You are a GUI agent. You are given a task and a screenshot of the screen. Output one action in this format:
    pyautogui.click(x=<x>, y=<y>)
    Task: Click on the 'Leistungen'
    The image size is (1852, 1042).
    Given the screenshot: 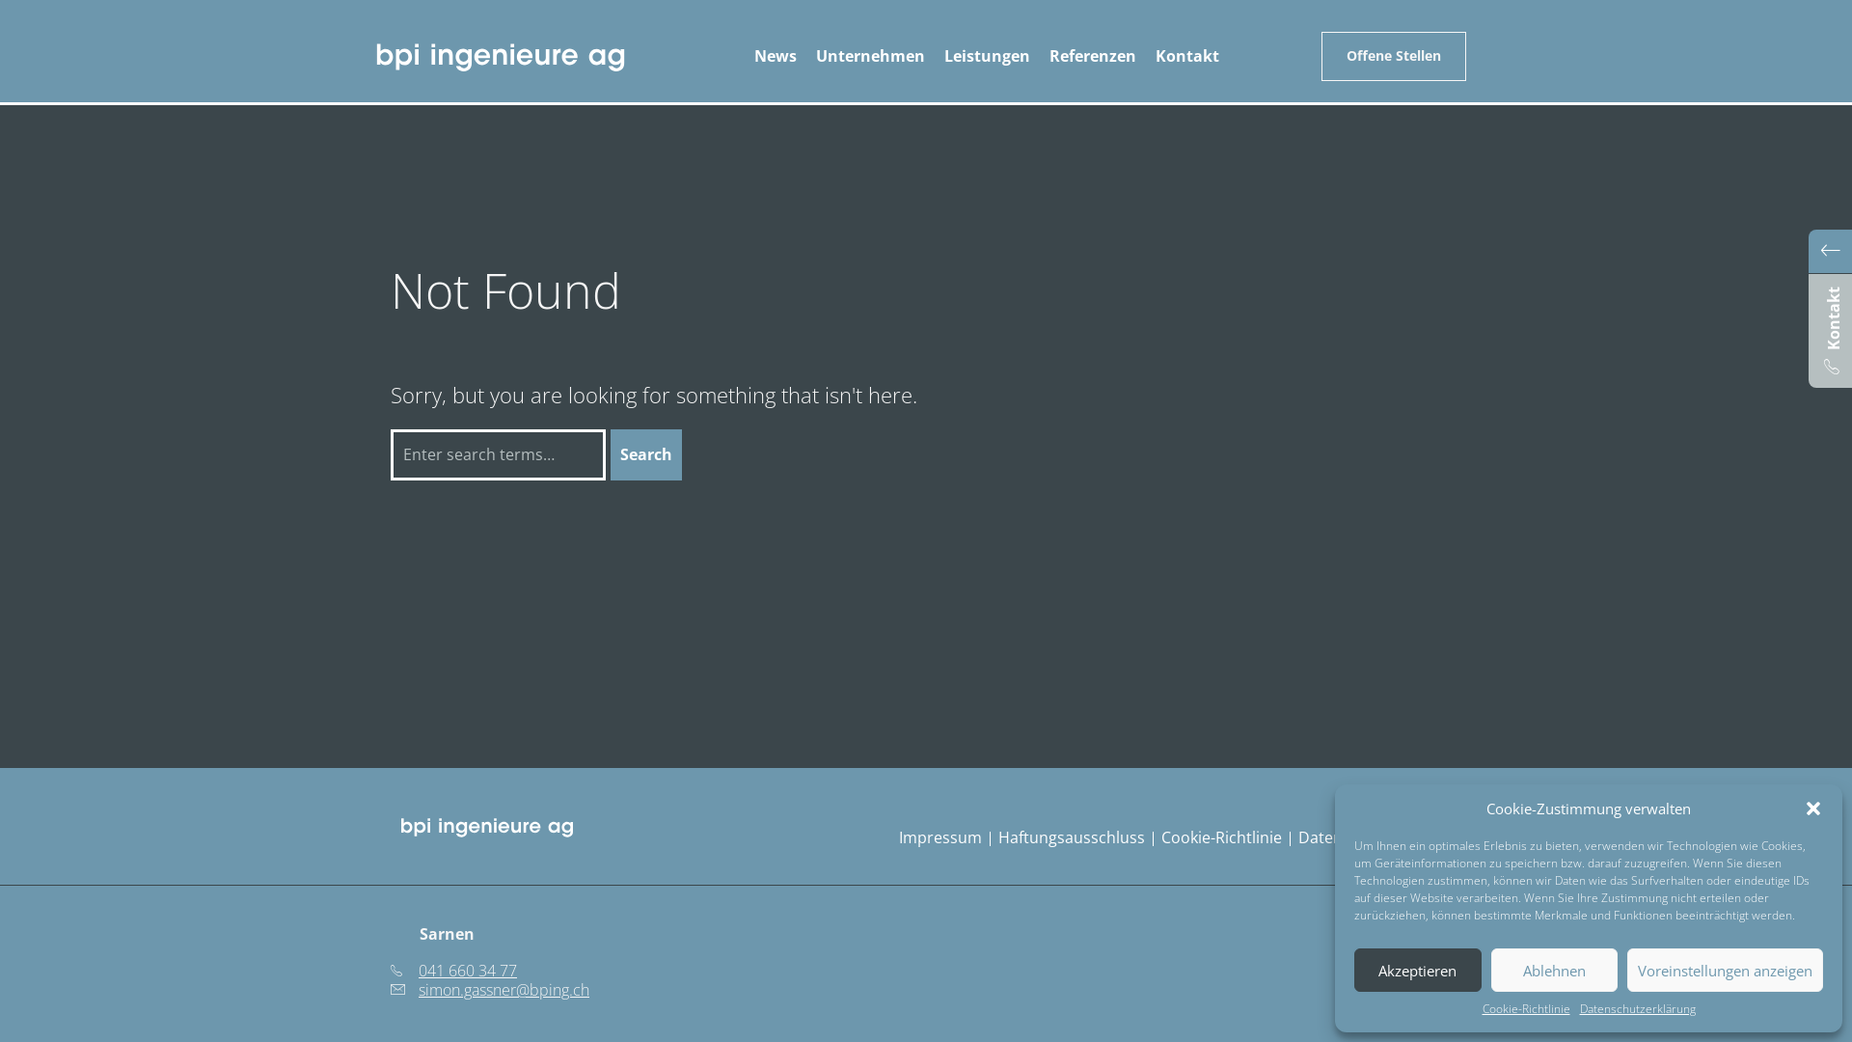 What is the action you would take?
    pyautogui.click(x=986, y=55)
    